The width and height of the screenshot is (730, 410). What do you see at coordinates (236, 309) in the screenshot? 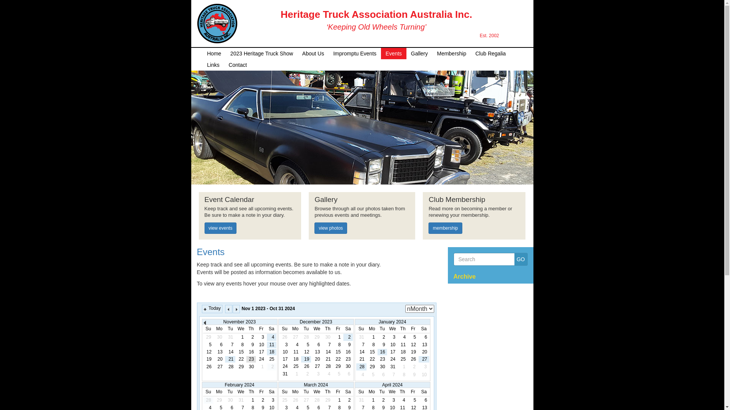
I see `'Next'` at bounding box center [236, 309].